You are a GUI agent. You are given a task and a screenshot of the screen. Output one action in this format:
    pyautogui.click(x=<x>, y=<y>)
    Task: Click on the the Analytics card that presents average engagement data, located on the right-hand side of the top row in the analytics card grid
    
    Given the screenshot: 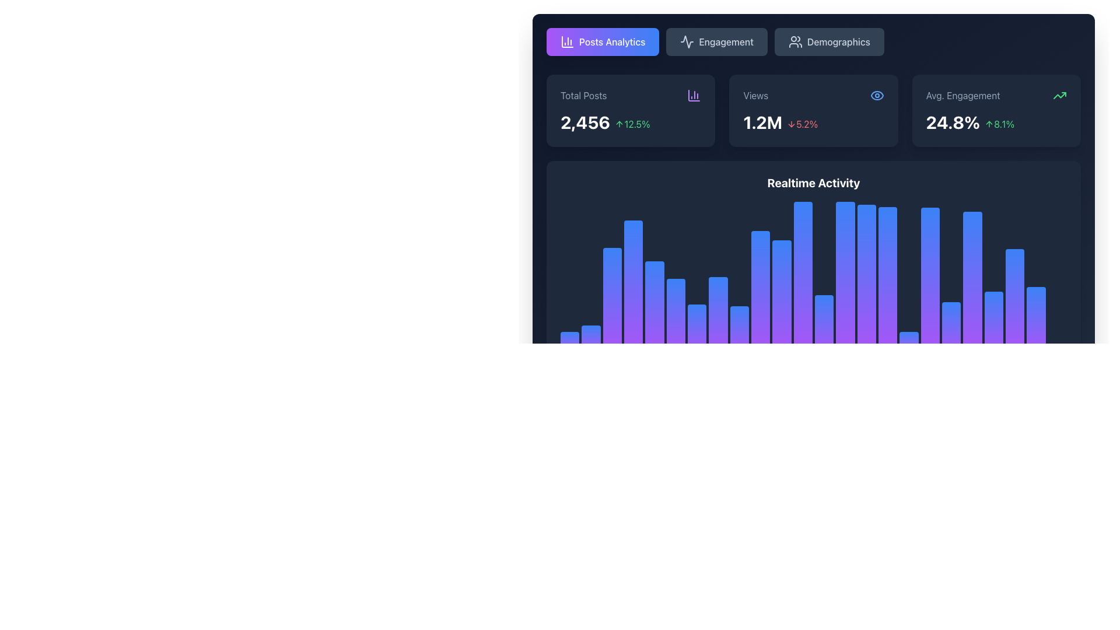 What is the action you would take?
    pyautogui.click(x=996, y=110)
    